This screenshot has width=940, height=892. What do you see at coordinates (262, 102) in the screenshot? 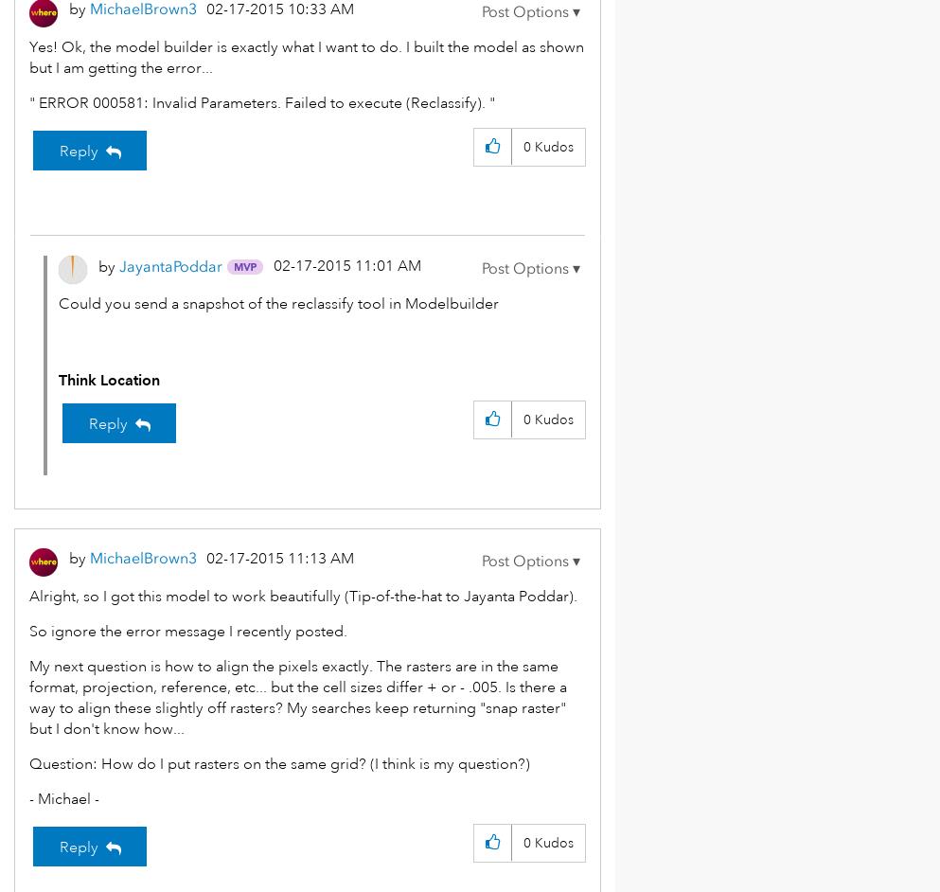
I see `'" ERROR 000581: Invalid Parameters. Failed to execute (Reclassify). "'` at bounding box center [262, 102].